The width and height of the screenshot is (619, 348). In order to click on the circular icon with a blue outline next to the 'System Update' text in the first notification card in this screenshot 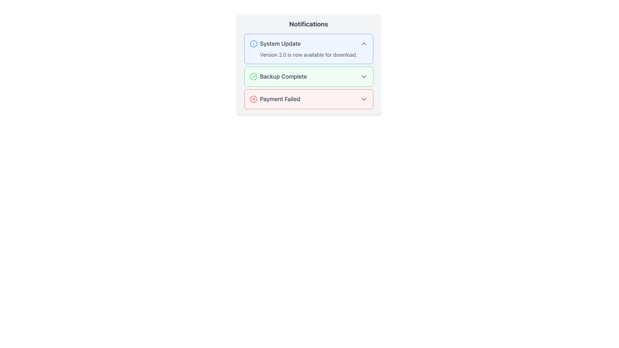, I will do `click(253, 43)`.